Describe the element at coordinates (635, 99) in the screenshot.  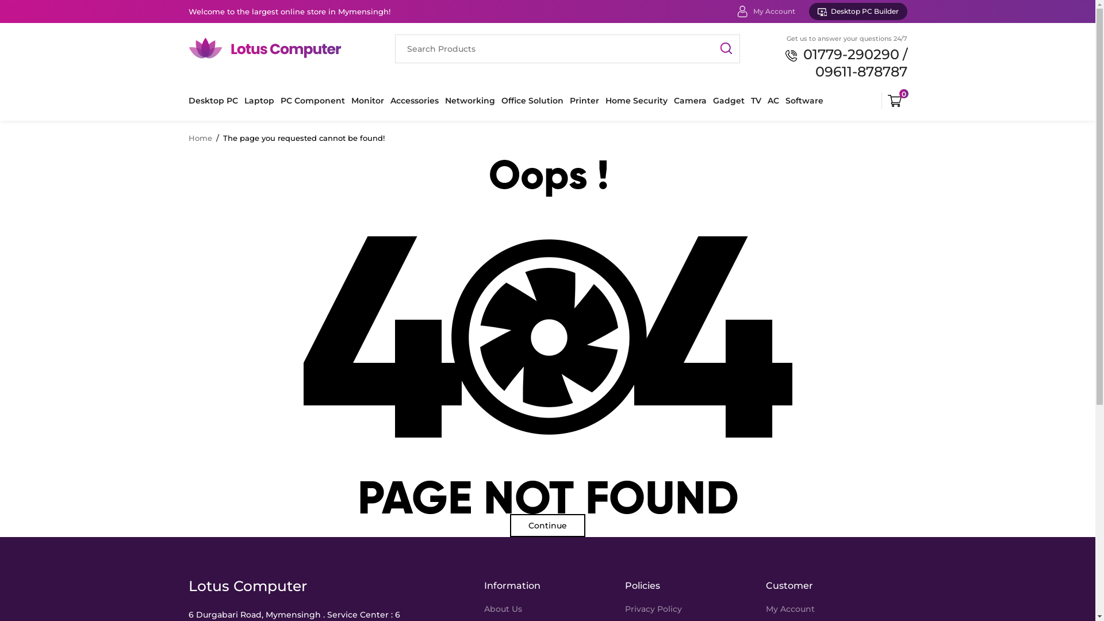
I see `'Home Security'` at that location.